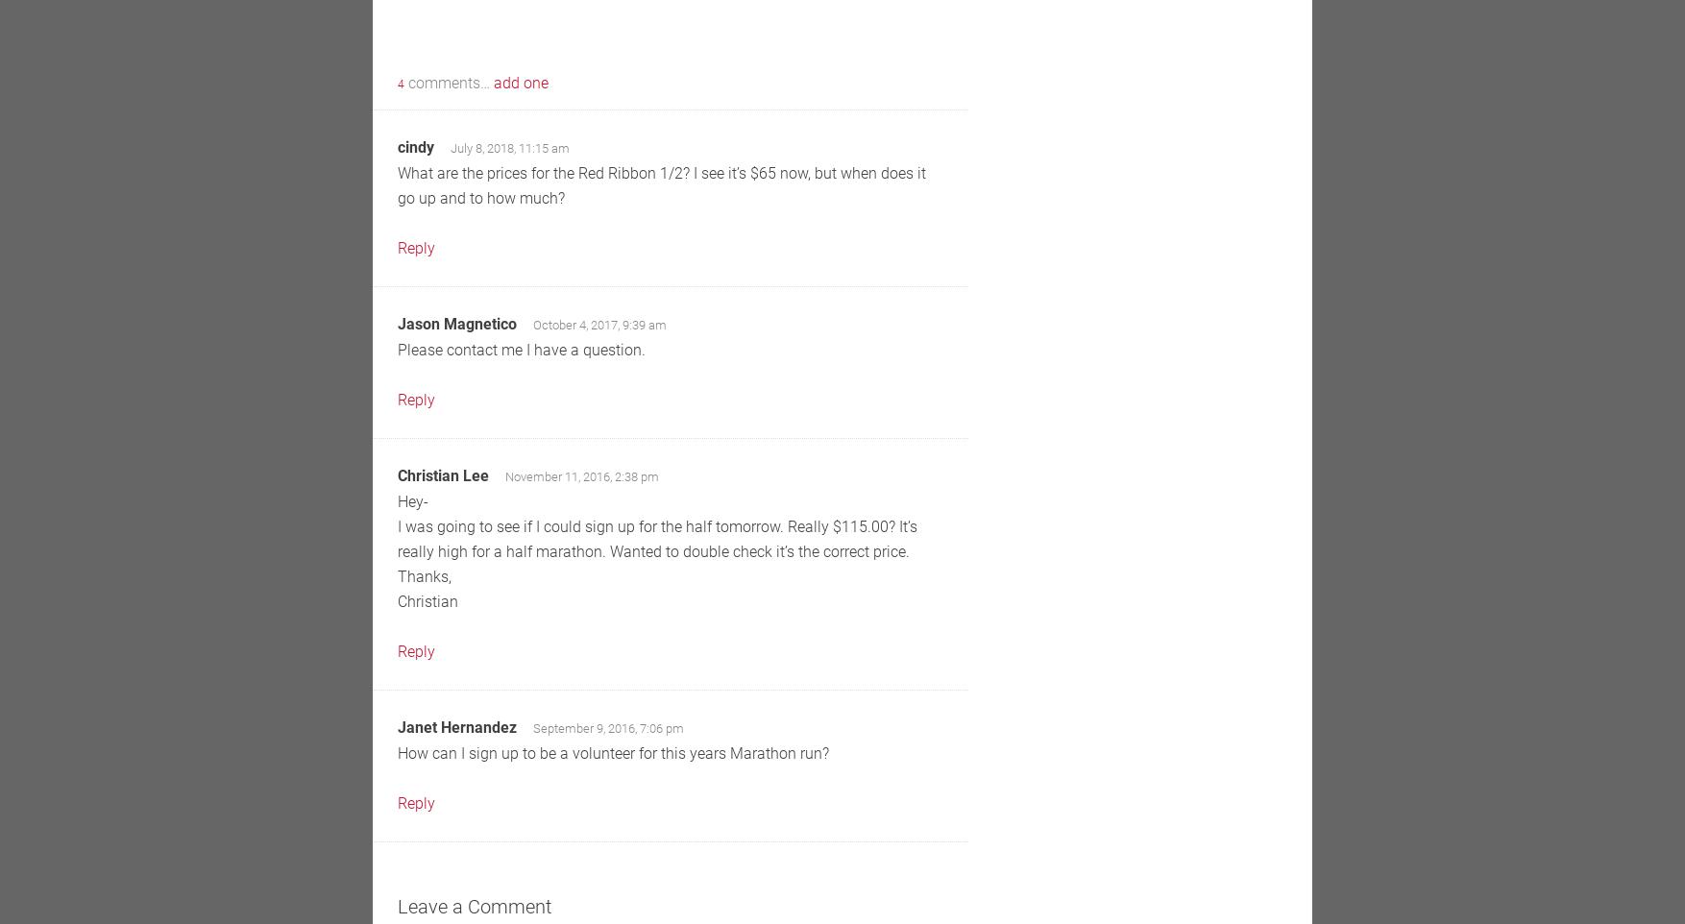 The width and height of the screenshot is (1685, 924). Describe the element at coordinates (473, 907) in the screenshot. I see `'Leave a Comment'` at that location.